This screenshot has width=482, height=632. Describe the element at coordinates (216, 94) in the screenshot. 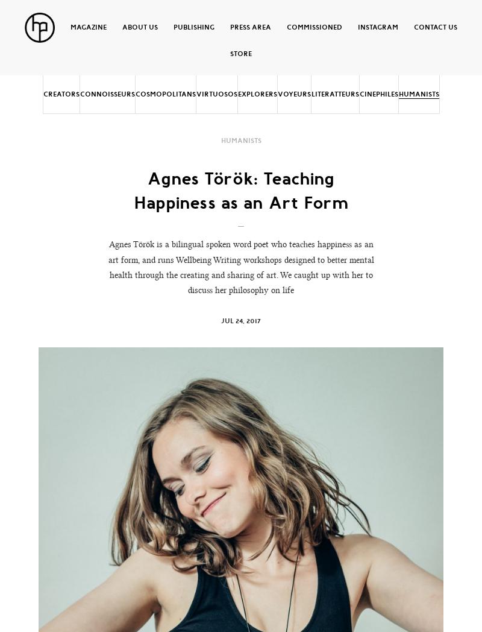

I see `'Virtuosos'` at that location.